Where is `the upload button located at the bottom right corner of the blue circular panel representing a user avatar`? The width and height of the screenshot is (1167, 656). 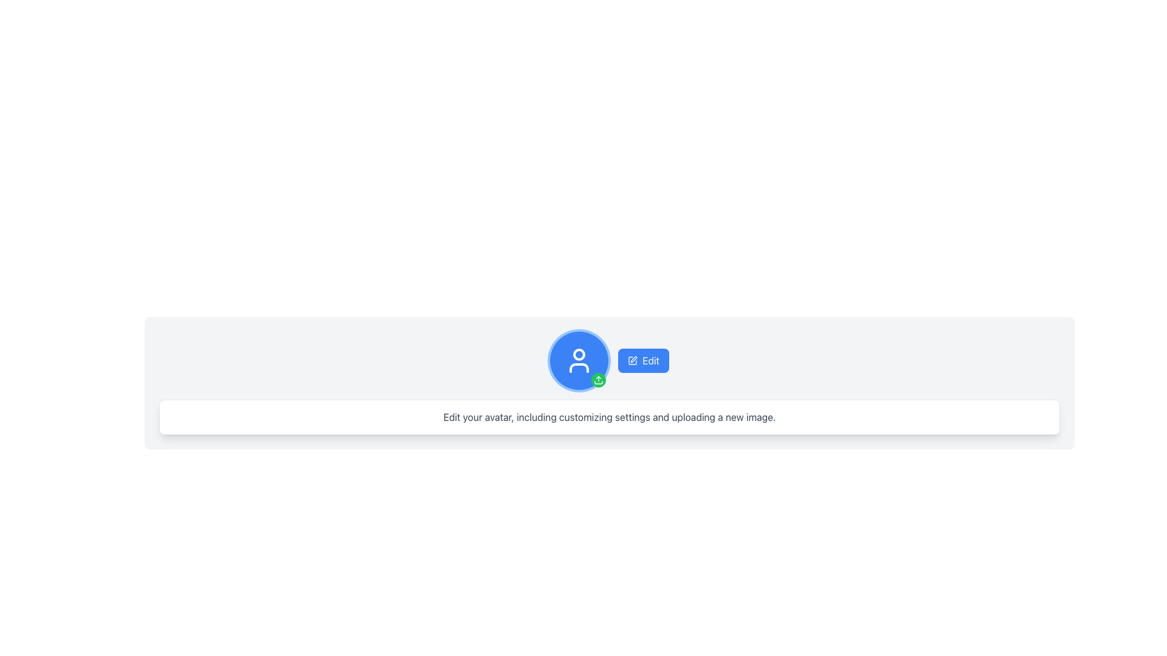 the upload button located at the bottom right corner of the blue circular panel representing a user avatar is located at coordinates (599, 379).